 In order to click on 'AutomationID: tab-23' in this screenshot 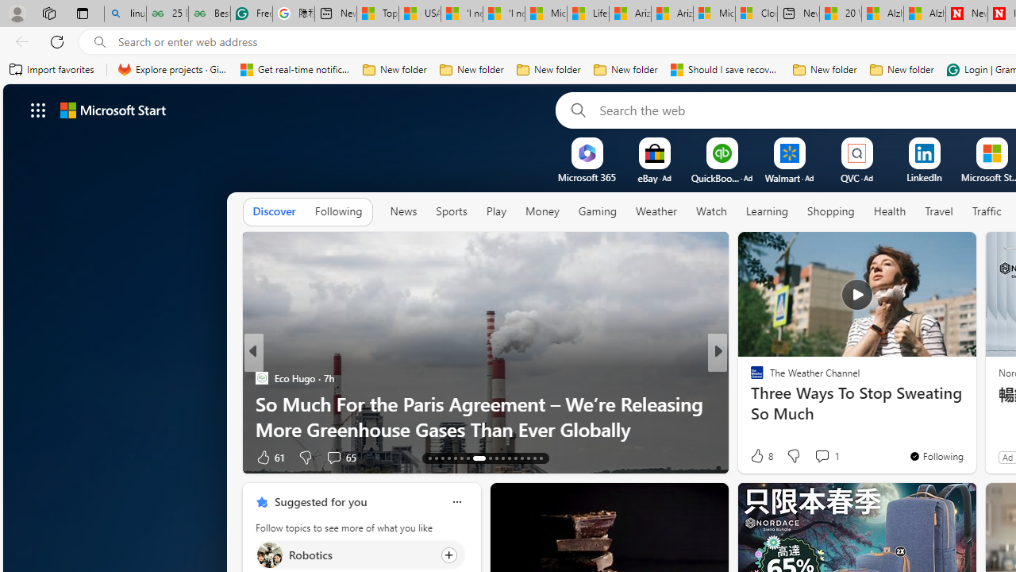, I will do `click(501, 458)`.